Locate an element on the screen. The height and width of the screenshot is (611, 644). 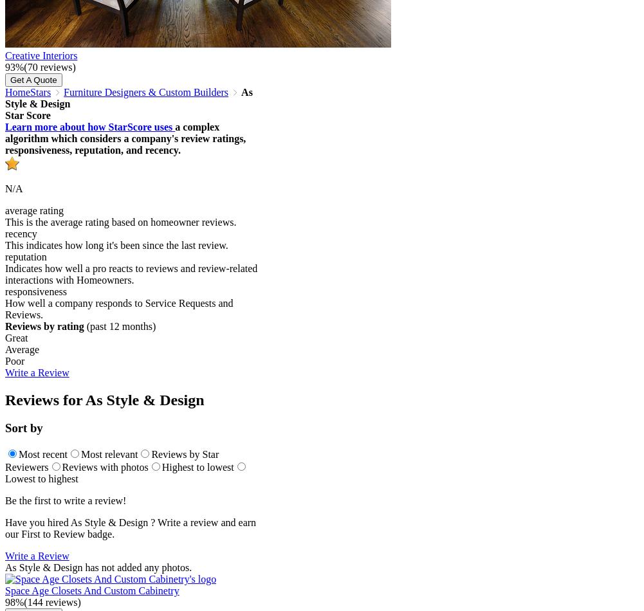
'(past 12 months)' is located at coordinates (83, 325).